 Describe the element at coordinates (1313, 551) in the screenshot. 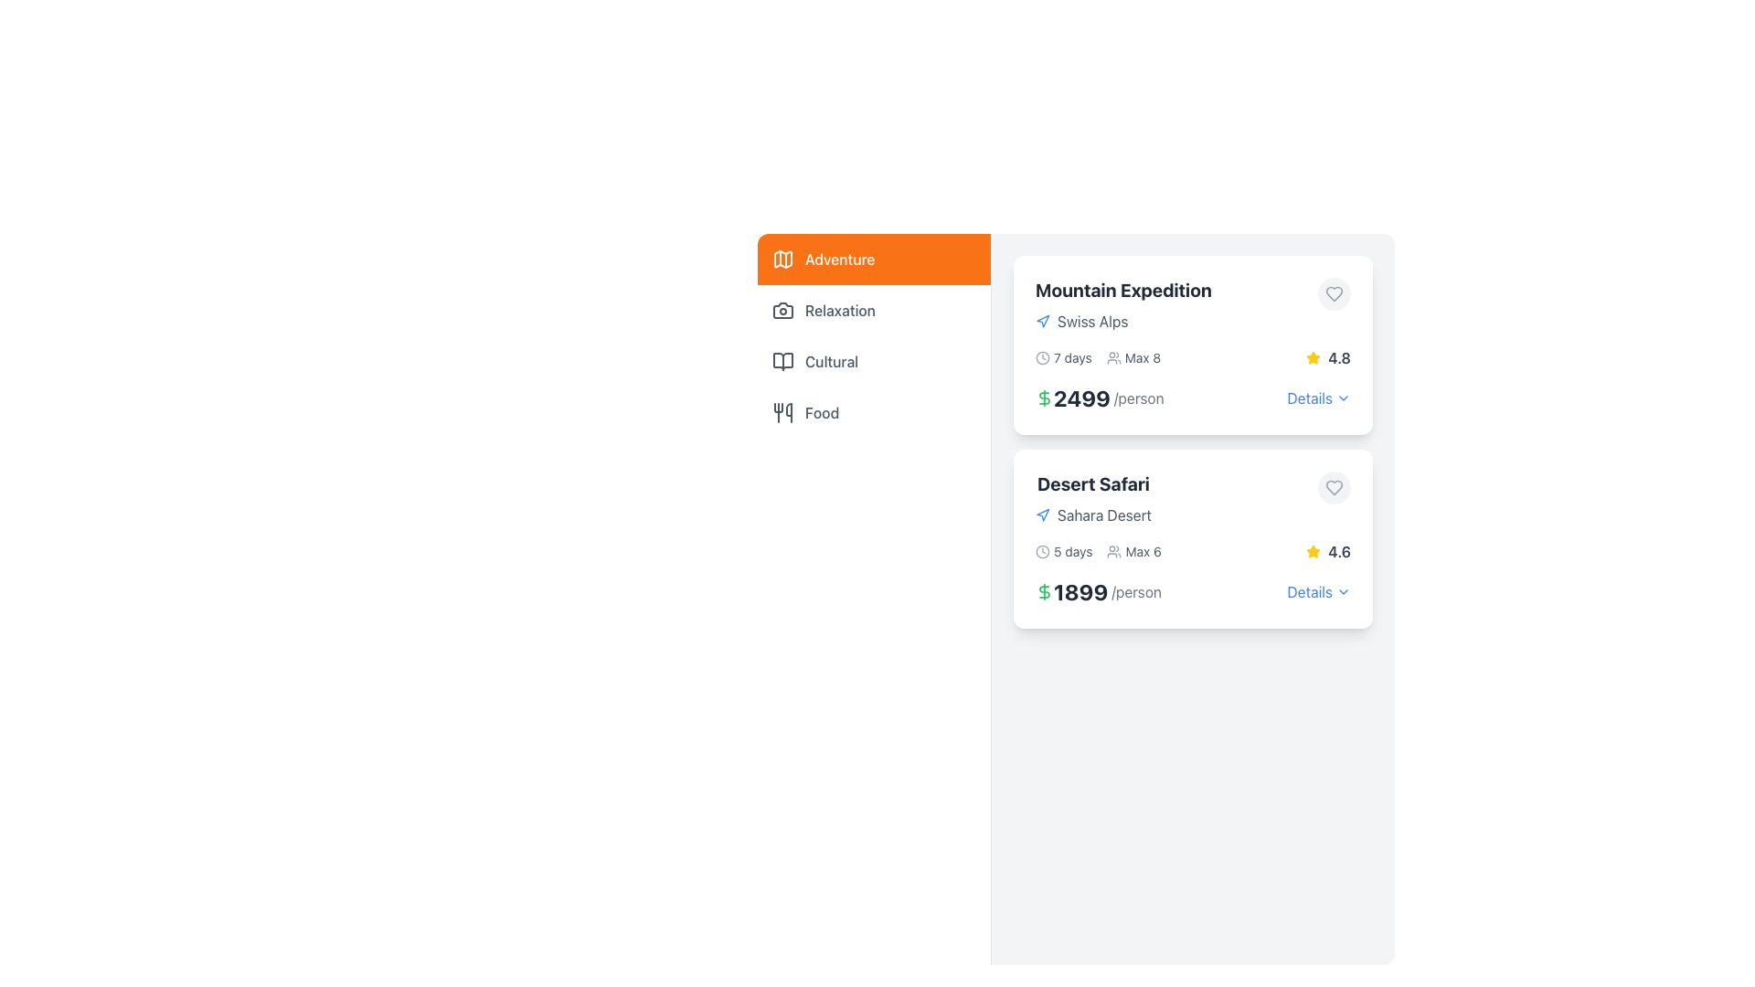

I see `the star-shaped yellow icon indicating a rating or favorite feature, located to the left of the numeric value '4.6' for the 'Desert Safari' package in the bottom card of the two-column list` at that location.